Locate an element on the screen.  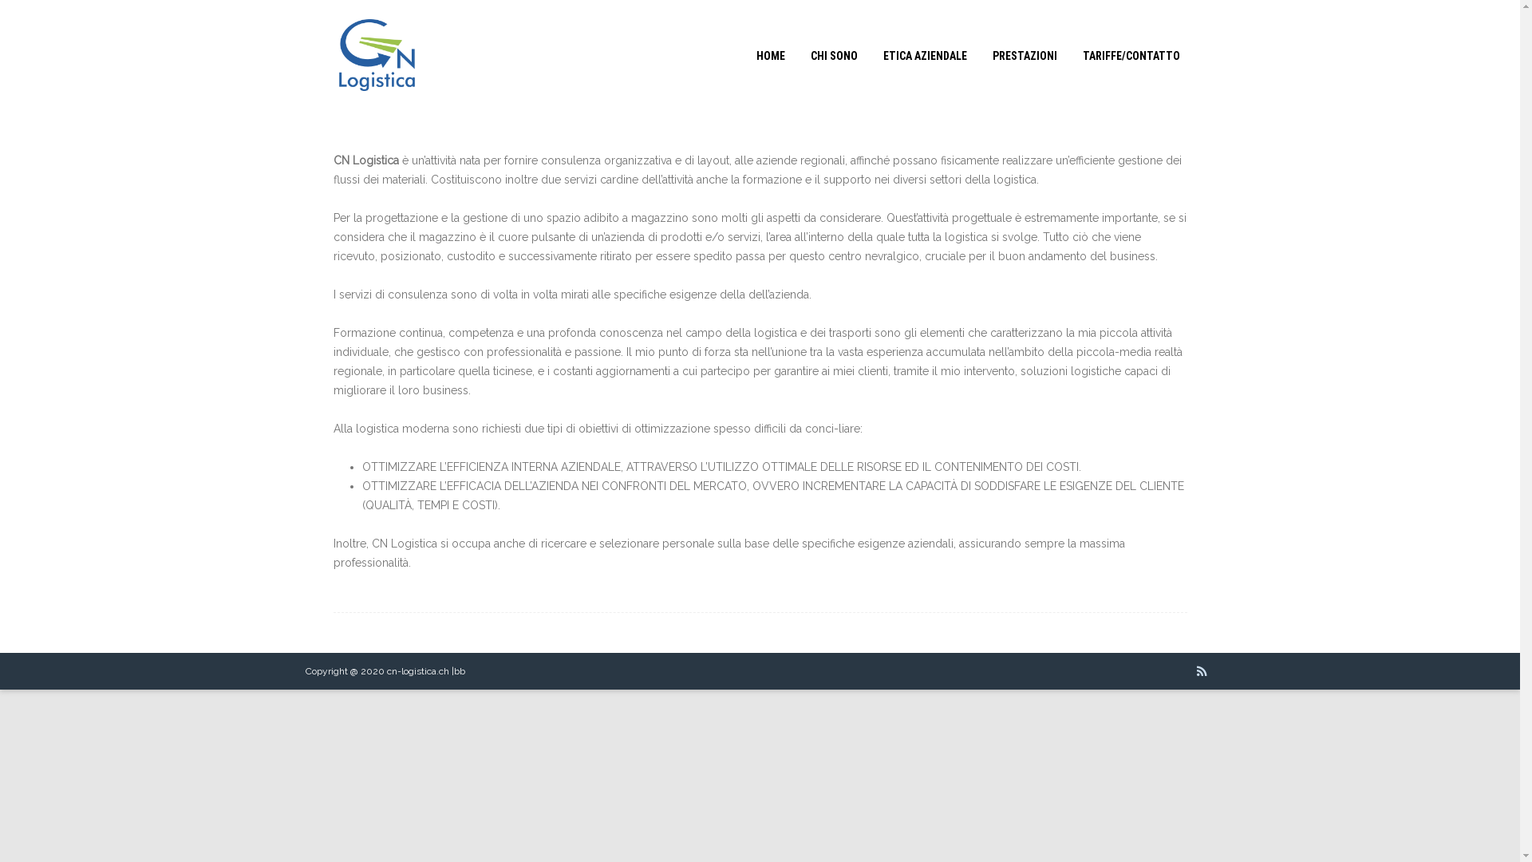
'CN-logistica' is located at coordinates (318, 105).